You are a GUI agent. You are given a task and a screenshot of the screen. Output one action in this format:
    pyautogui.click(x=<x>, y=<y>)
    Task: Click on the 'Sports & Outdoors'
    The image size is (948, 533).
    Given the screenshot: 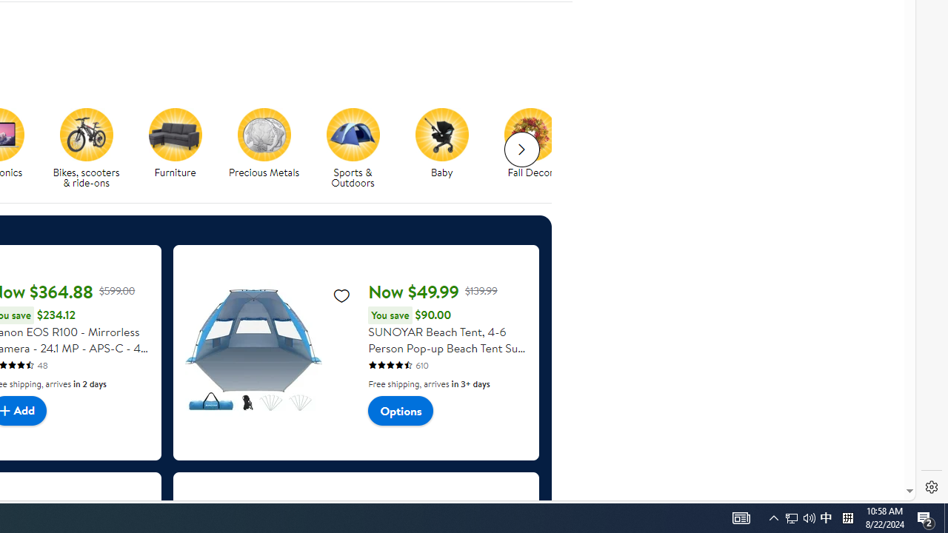 What is the action you would take?
    pyautogui.click(x=352, y=134)
    